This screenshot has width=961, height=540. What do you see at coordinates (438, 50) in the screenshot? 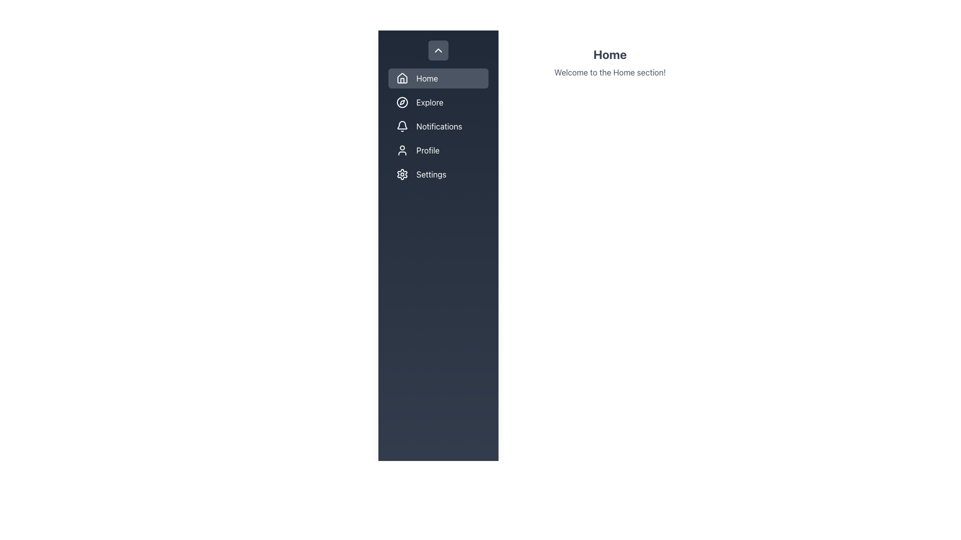
I see `the button located at the top of the vertical sidebar, which features an upward chevron icon` at bounding box center [438, 50].